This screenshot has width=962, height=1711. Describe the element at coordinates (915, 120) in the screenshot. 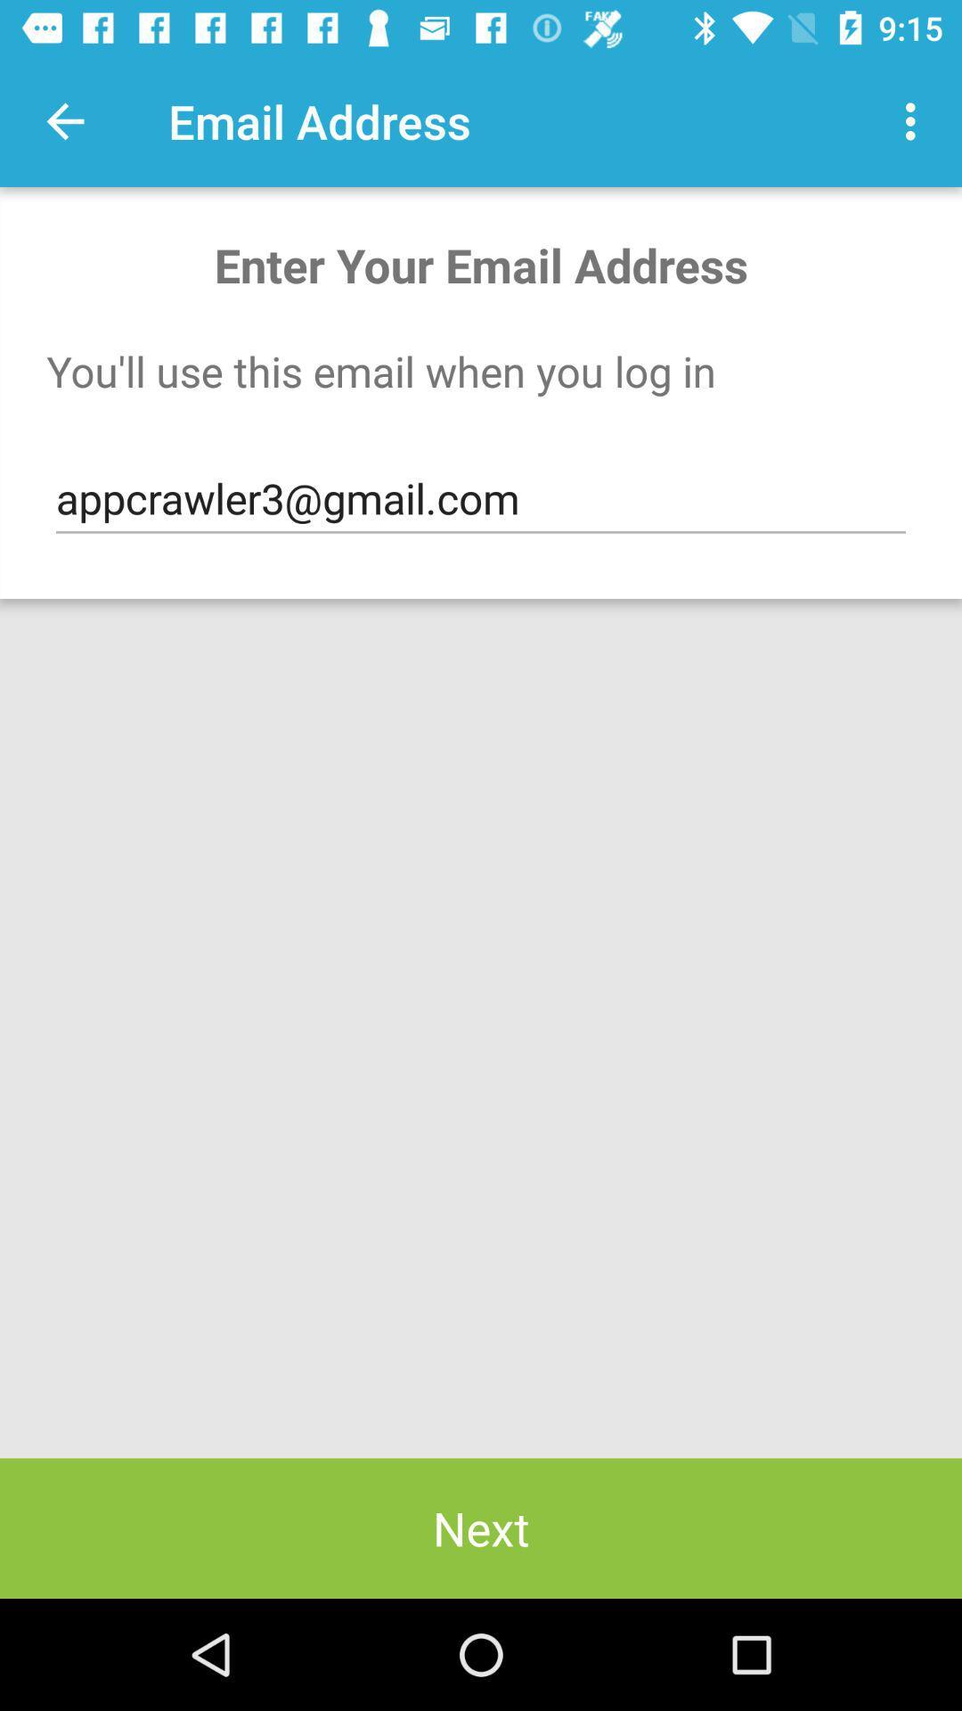

I see `the item at the top right corner` at that location.